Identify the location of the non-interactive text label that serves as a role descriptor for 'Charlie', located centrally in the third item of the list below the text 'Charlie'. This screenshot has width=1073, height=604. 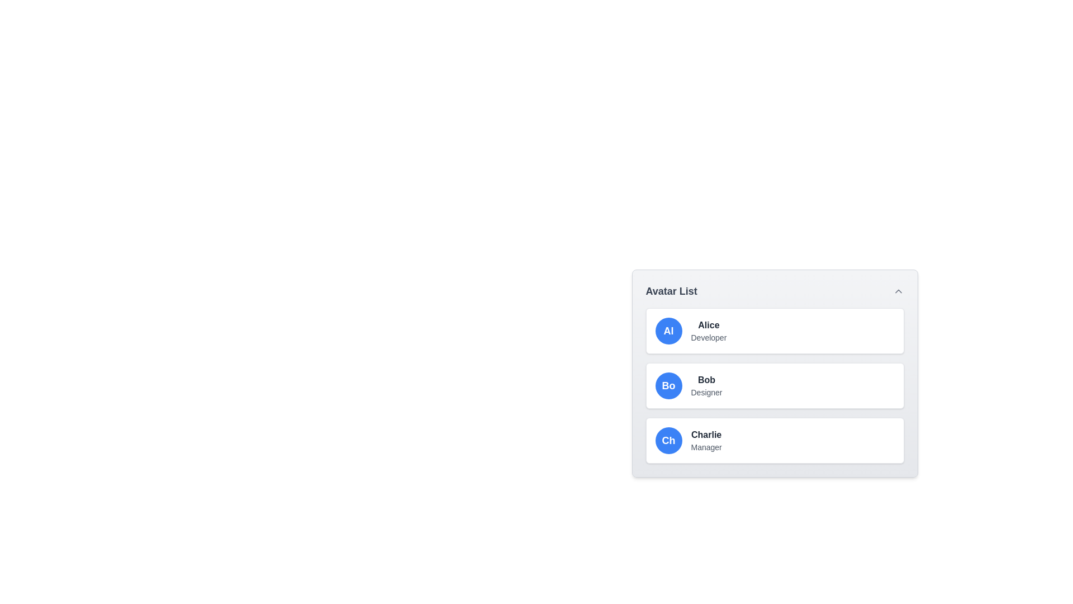
(706, 446).